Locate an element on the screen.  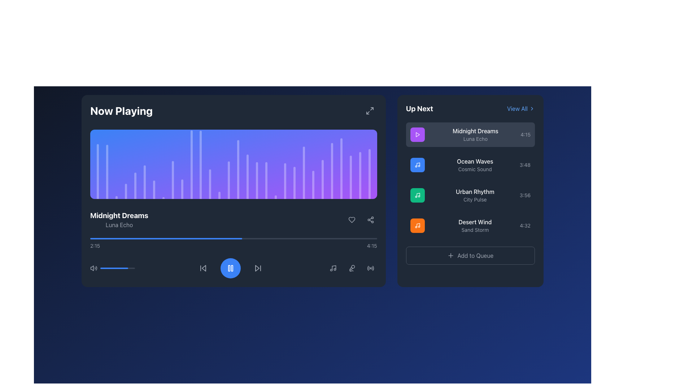
the rightward-pointing chevron icon located to the right of the 'View All' text in the 'Up Next' section is located at coordinates (532, 108).